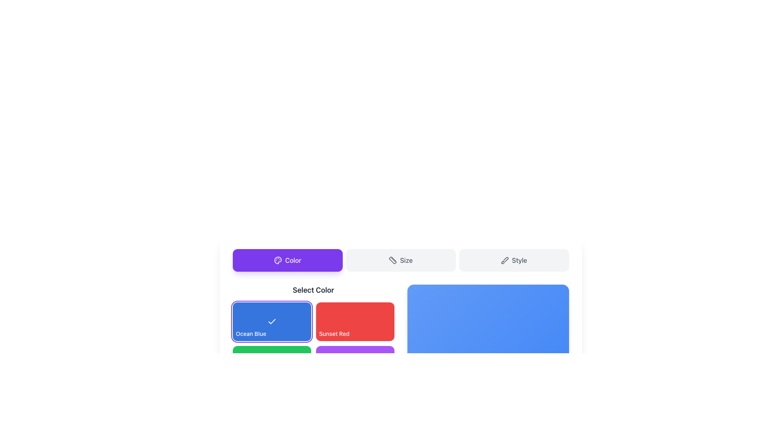 The image size is (776, 436). What do you see at coordinates (355, 321) in the screenshot?
I see `the 'Sunset Red' button in the 'Select Color' component for keyboard navigation` at bounding box center [355, 321].